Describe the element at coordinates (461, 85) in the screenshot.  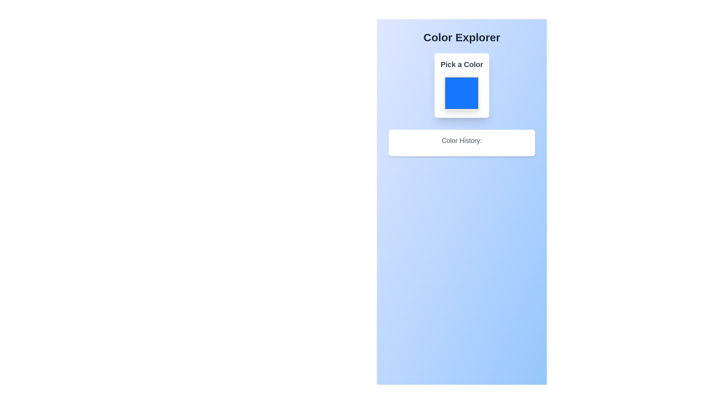
I see `the composite element labeled 'Pick a Color' which features a clickable blue color display and is located within the 'Color Explorer' section` at that location.